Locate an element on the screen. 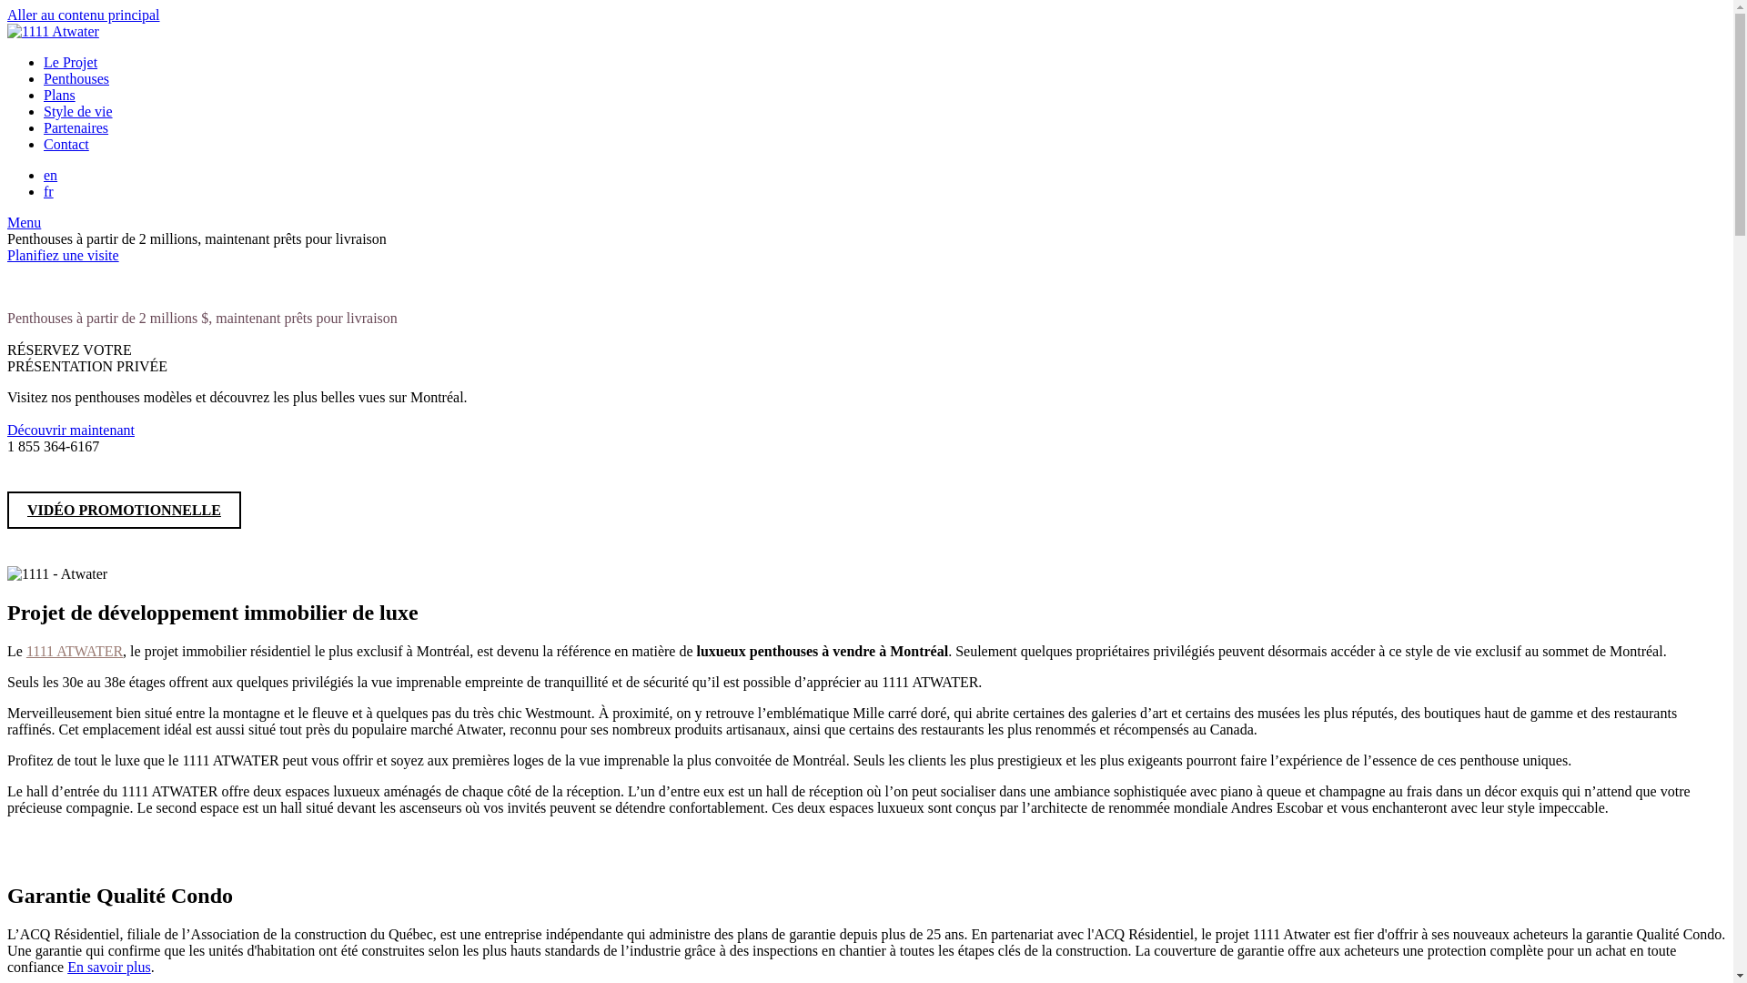 This screenshot has width=1747, height=983. 'En savoir plus' is located at coordinates (108, 966).